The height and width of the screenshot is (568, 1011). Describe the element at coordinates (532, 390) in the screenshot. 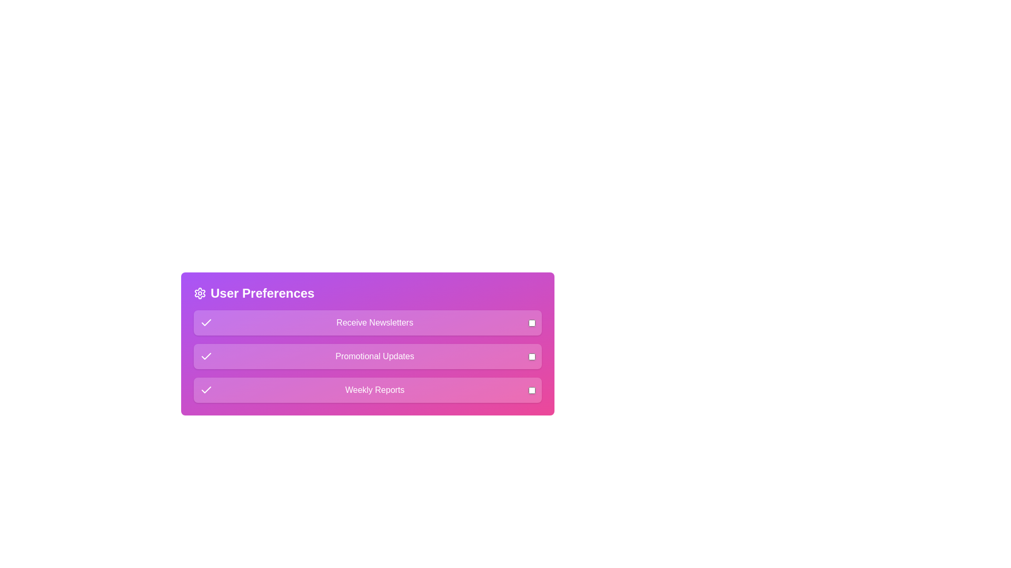

I see `the checkbox for 'Weekly Reports' to toggle its state` at that location.